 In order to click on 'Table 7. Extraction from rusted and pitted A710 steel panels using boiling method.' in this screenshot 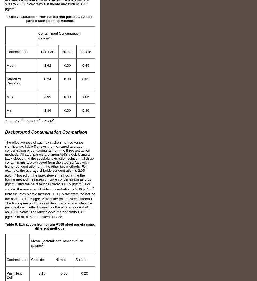, I will do `click(50, 18)`.